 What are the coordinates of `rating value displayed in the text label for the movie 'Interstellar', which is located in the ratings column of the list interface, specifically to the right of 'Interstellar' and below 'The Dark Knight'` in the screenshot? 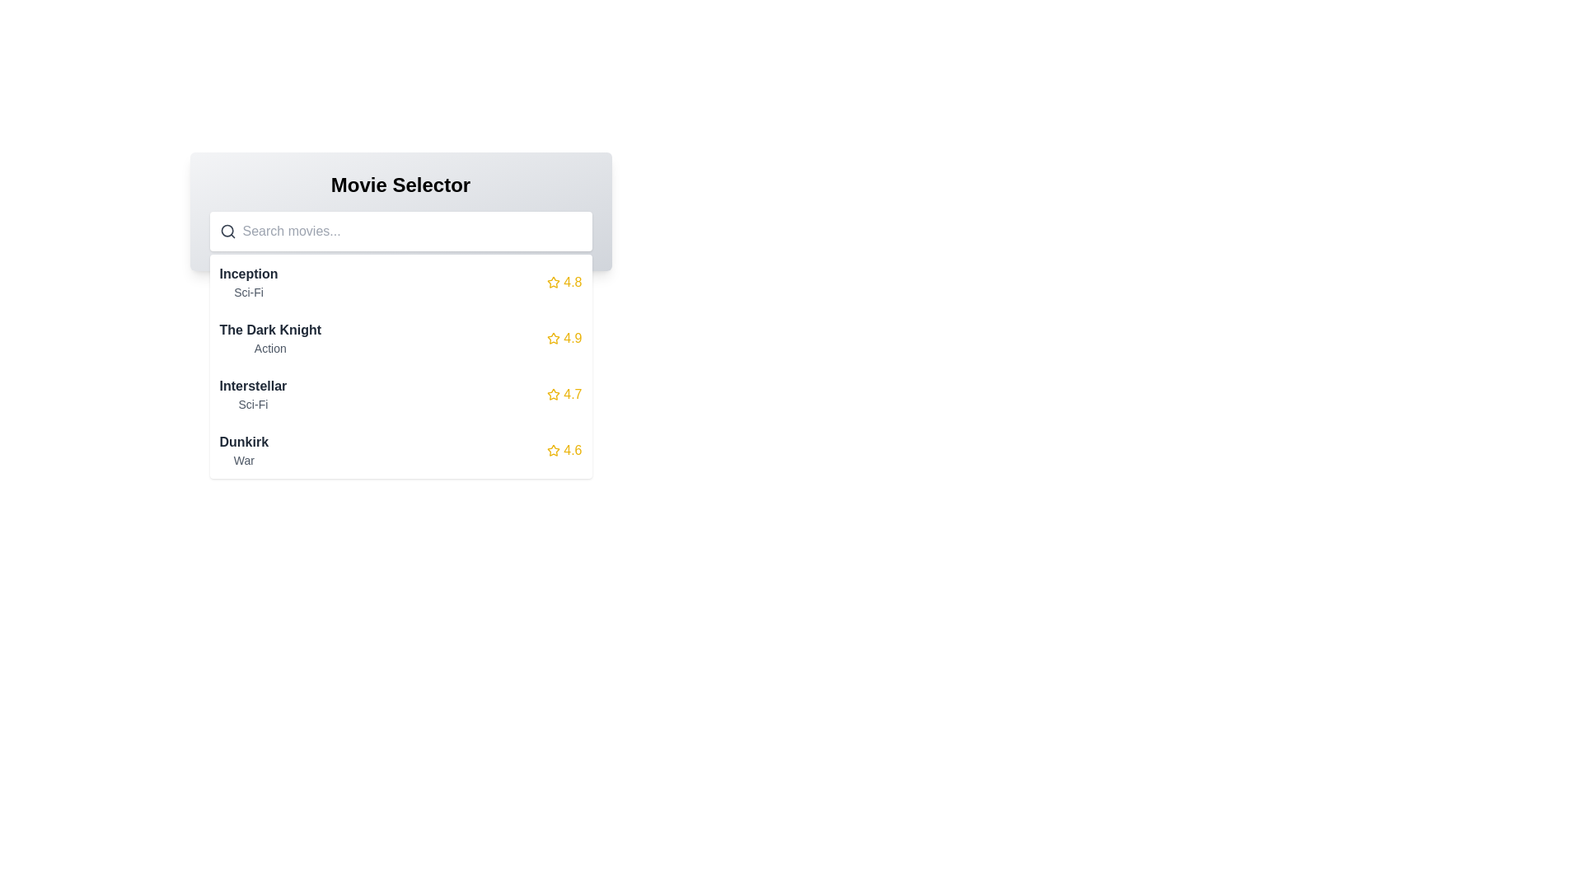 It's located at (573, 394).